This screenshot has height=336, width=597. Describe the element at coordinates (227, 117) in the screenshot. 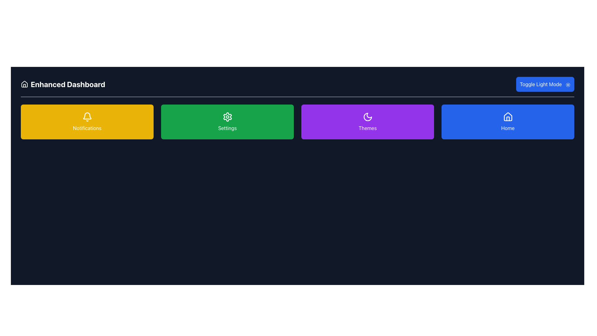

I see `the settings gear icon, which is centrally positioned within the green rectangular button labeled 'Settings'` at that location.